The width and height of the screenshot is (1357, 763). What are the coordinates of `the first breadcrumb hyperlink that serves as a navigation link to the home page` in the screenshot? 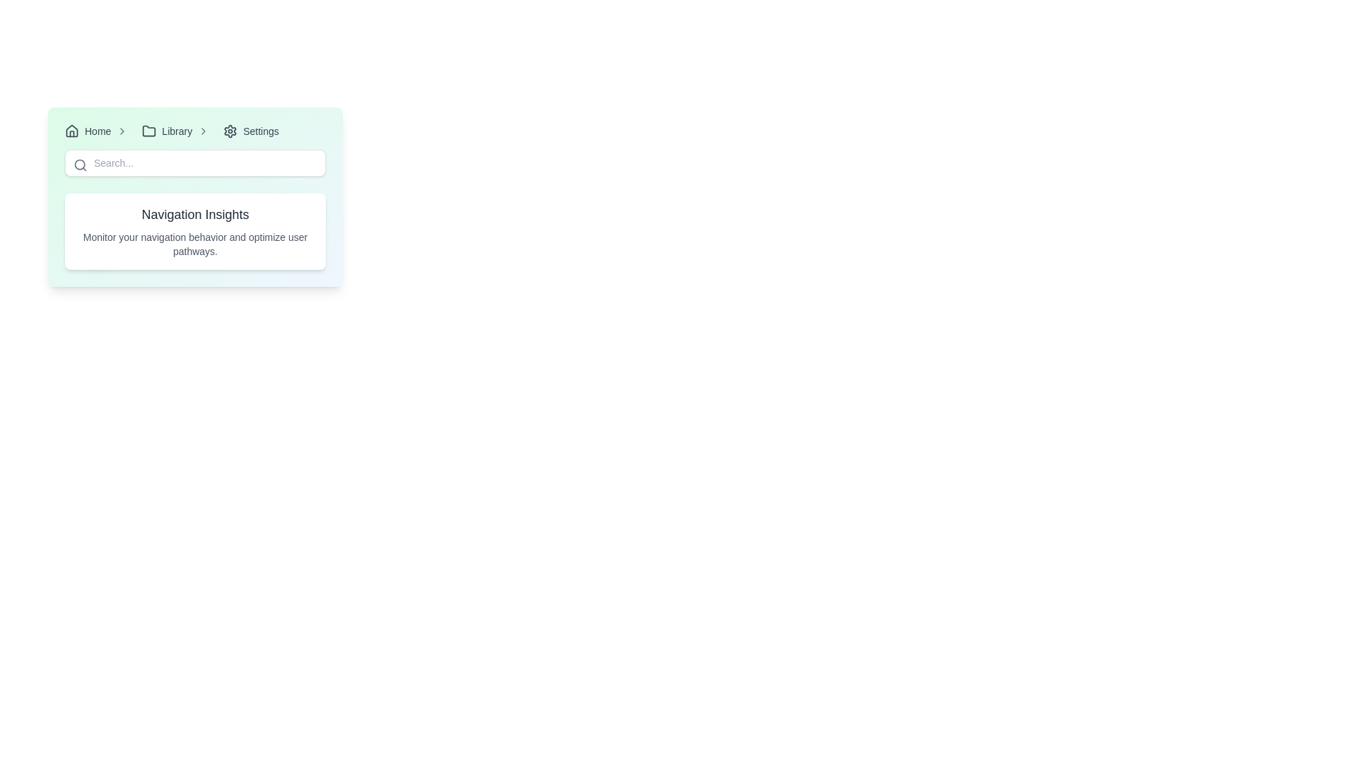 It's located at (87, 131).